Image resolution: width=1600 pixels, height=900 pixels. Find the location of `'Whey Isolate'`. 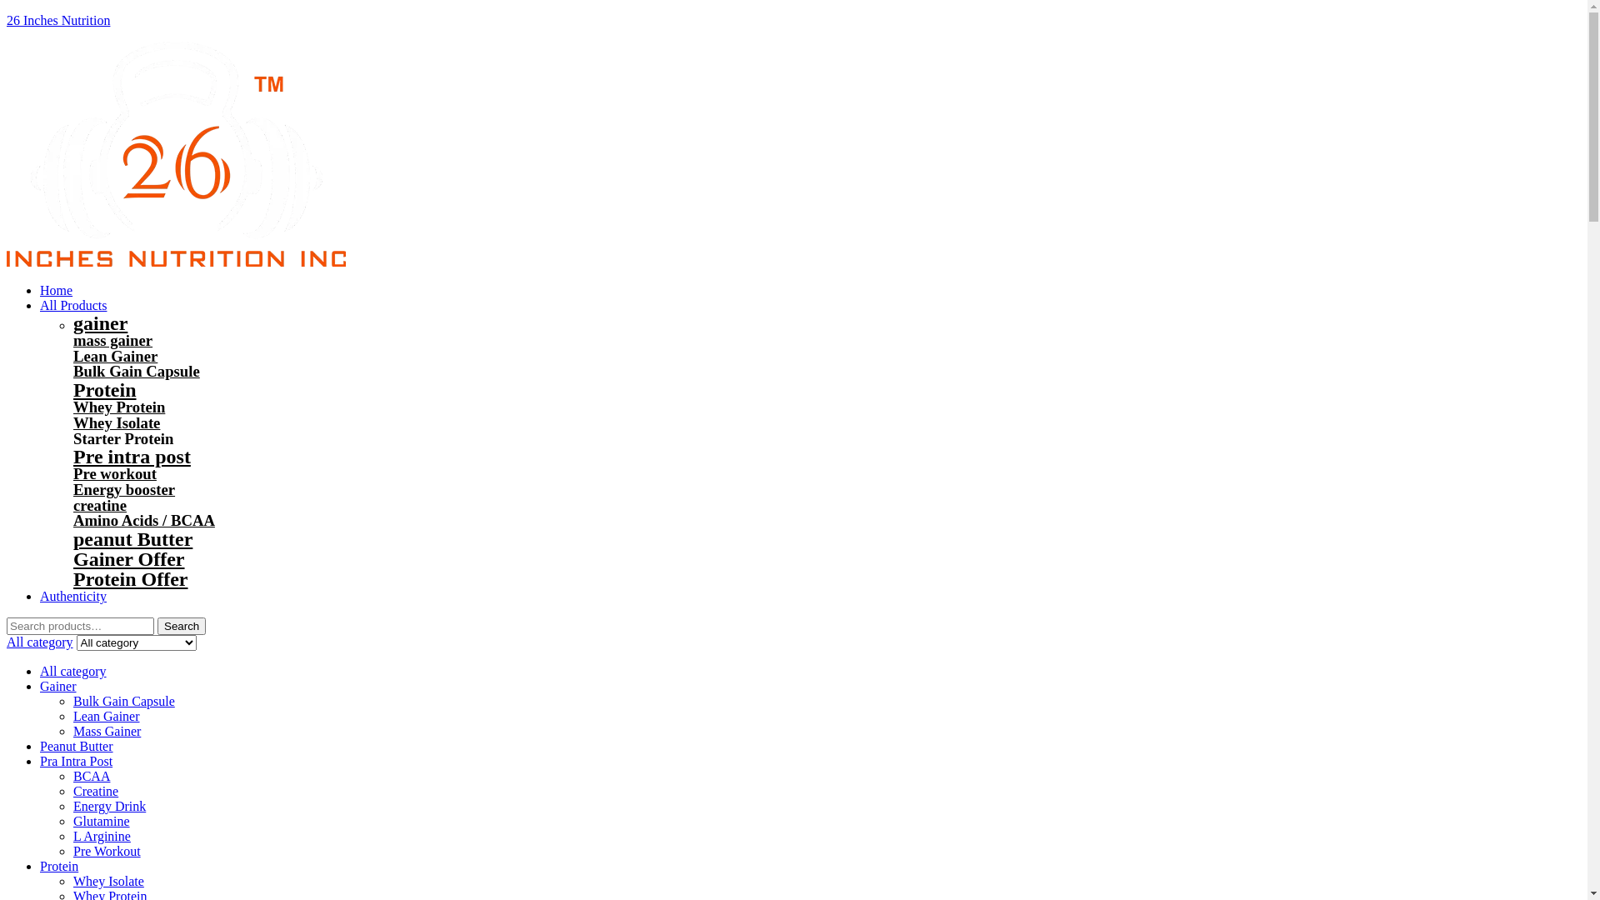

'Whey Isolate' is located at coordinates (72, 880).